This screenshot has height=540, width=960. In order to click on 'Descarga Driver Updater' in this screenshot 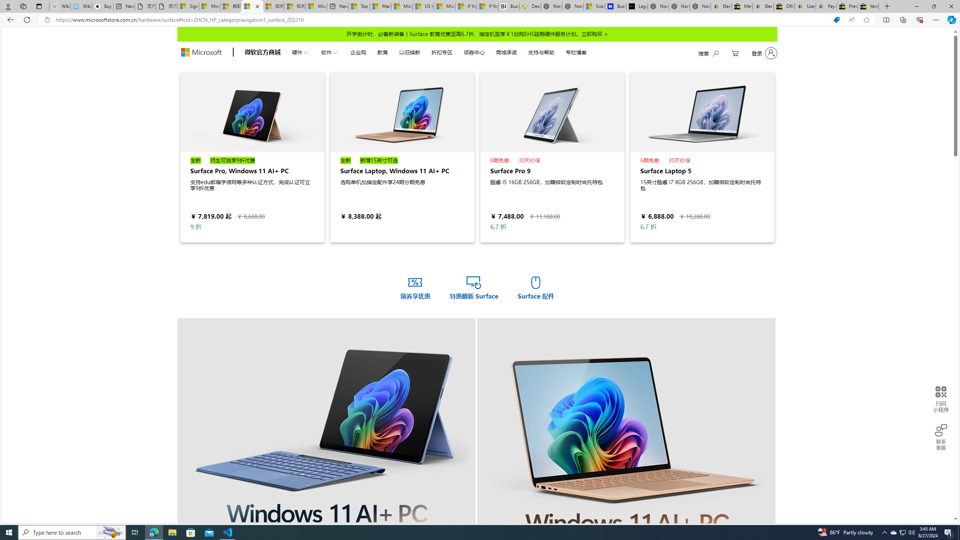, I will do `click(530, 6)`.